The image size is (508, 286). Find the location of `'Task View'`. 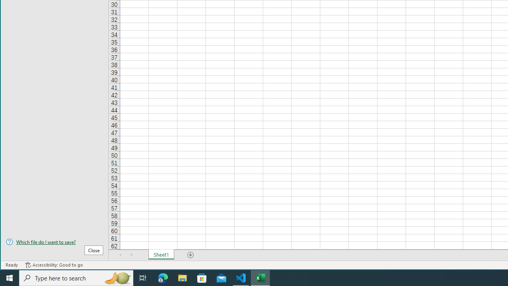

'Task View' is located at coordinates (142, 277).